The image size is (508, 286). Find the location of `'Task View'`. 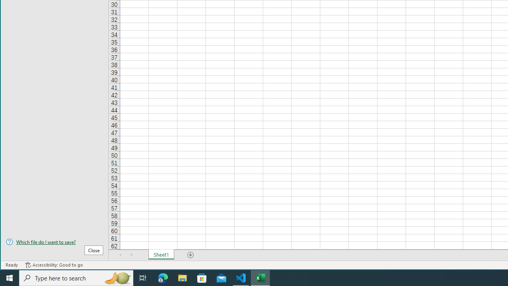

'Task View' is located at coordinates (142, 277).